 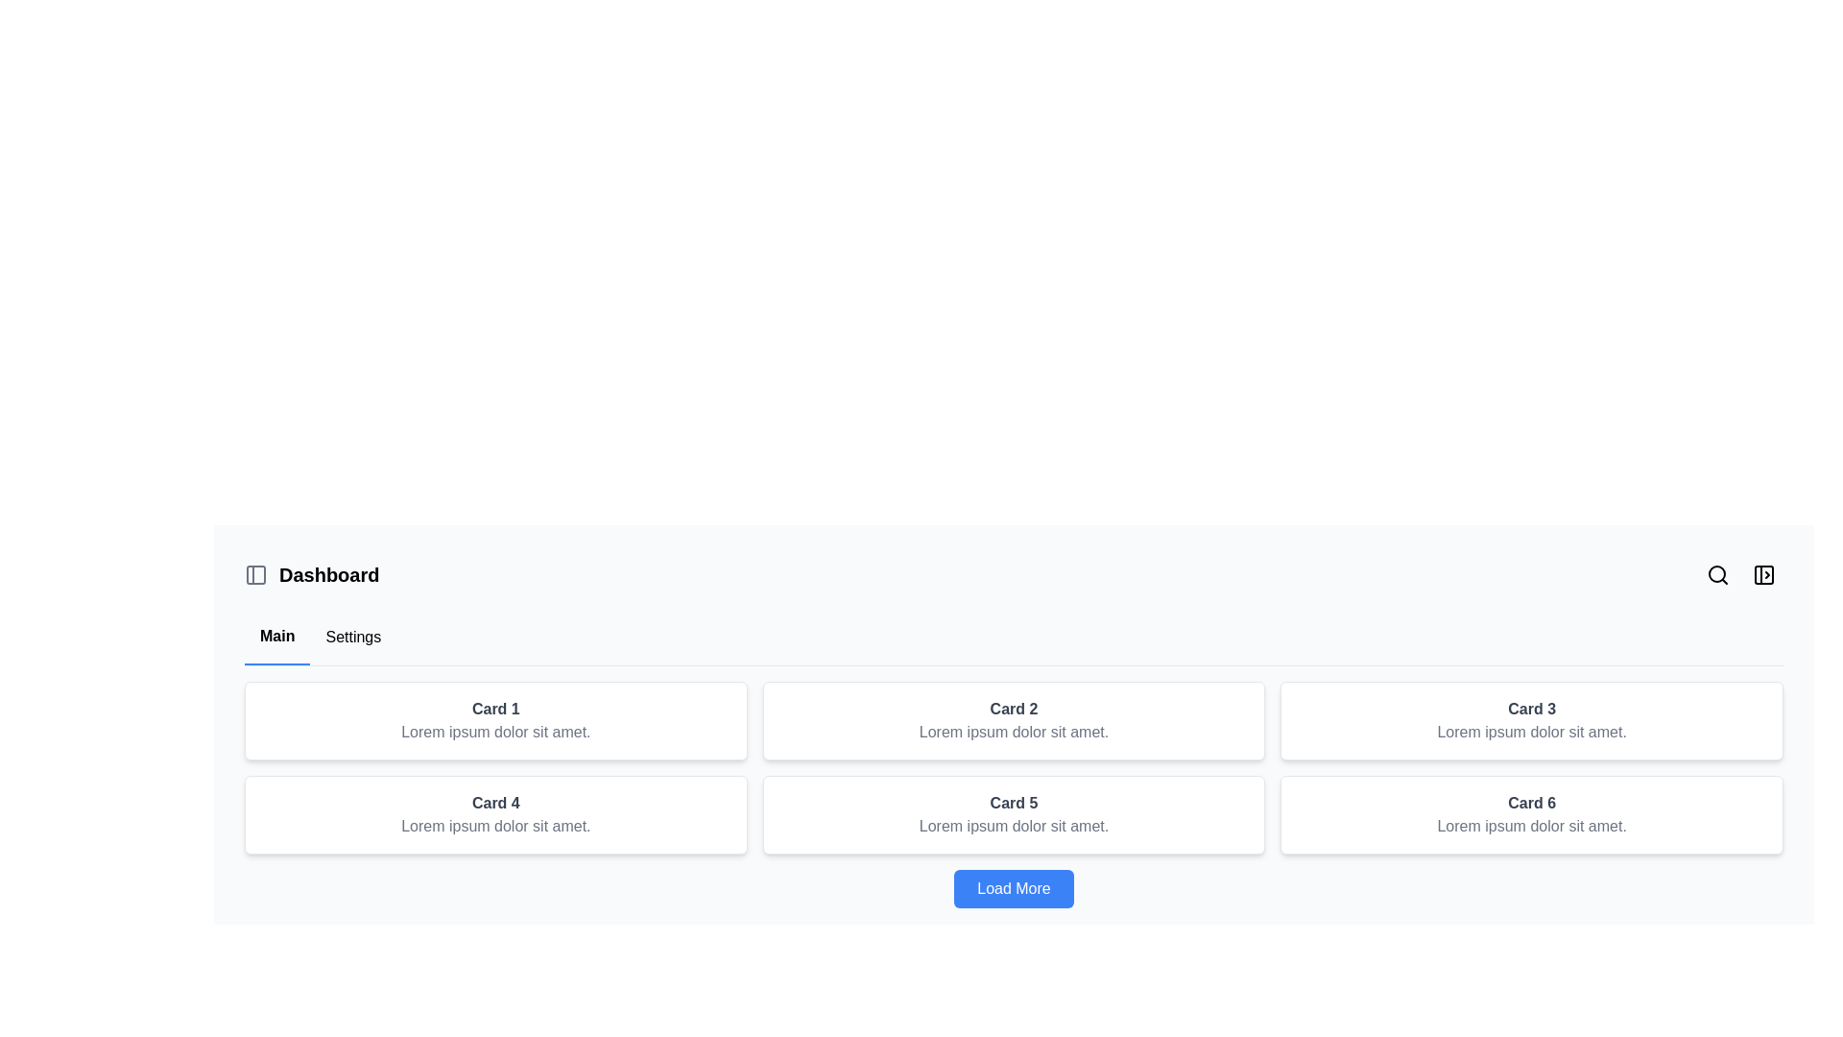 What do you see at coordinates (255, 573) in the screenshot?
I see `the icon representing the panel or dashboard layout located in the top-left corner, preceding the 'Dashboard' label` at bounding box center [255, 573].